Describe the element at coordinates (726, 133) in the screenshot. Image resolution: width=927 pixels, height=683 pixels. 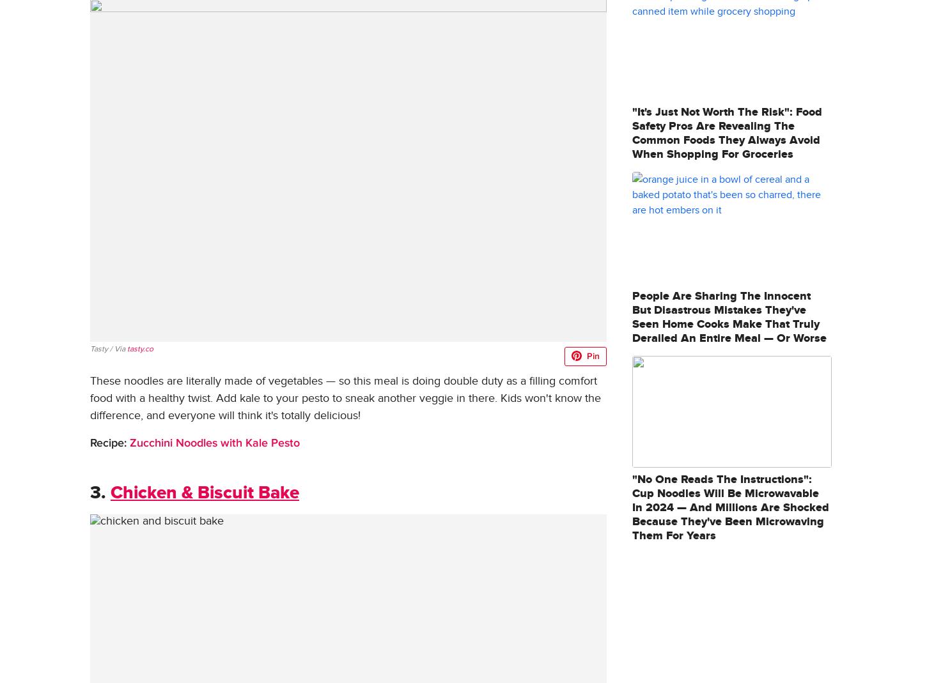
I see `'"It's Just Not Worth The Risk": Food Safety Pros Are Revealing The Common Foods They Always Avoid When Shopping For Groceries'` at that location.